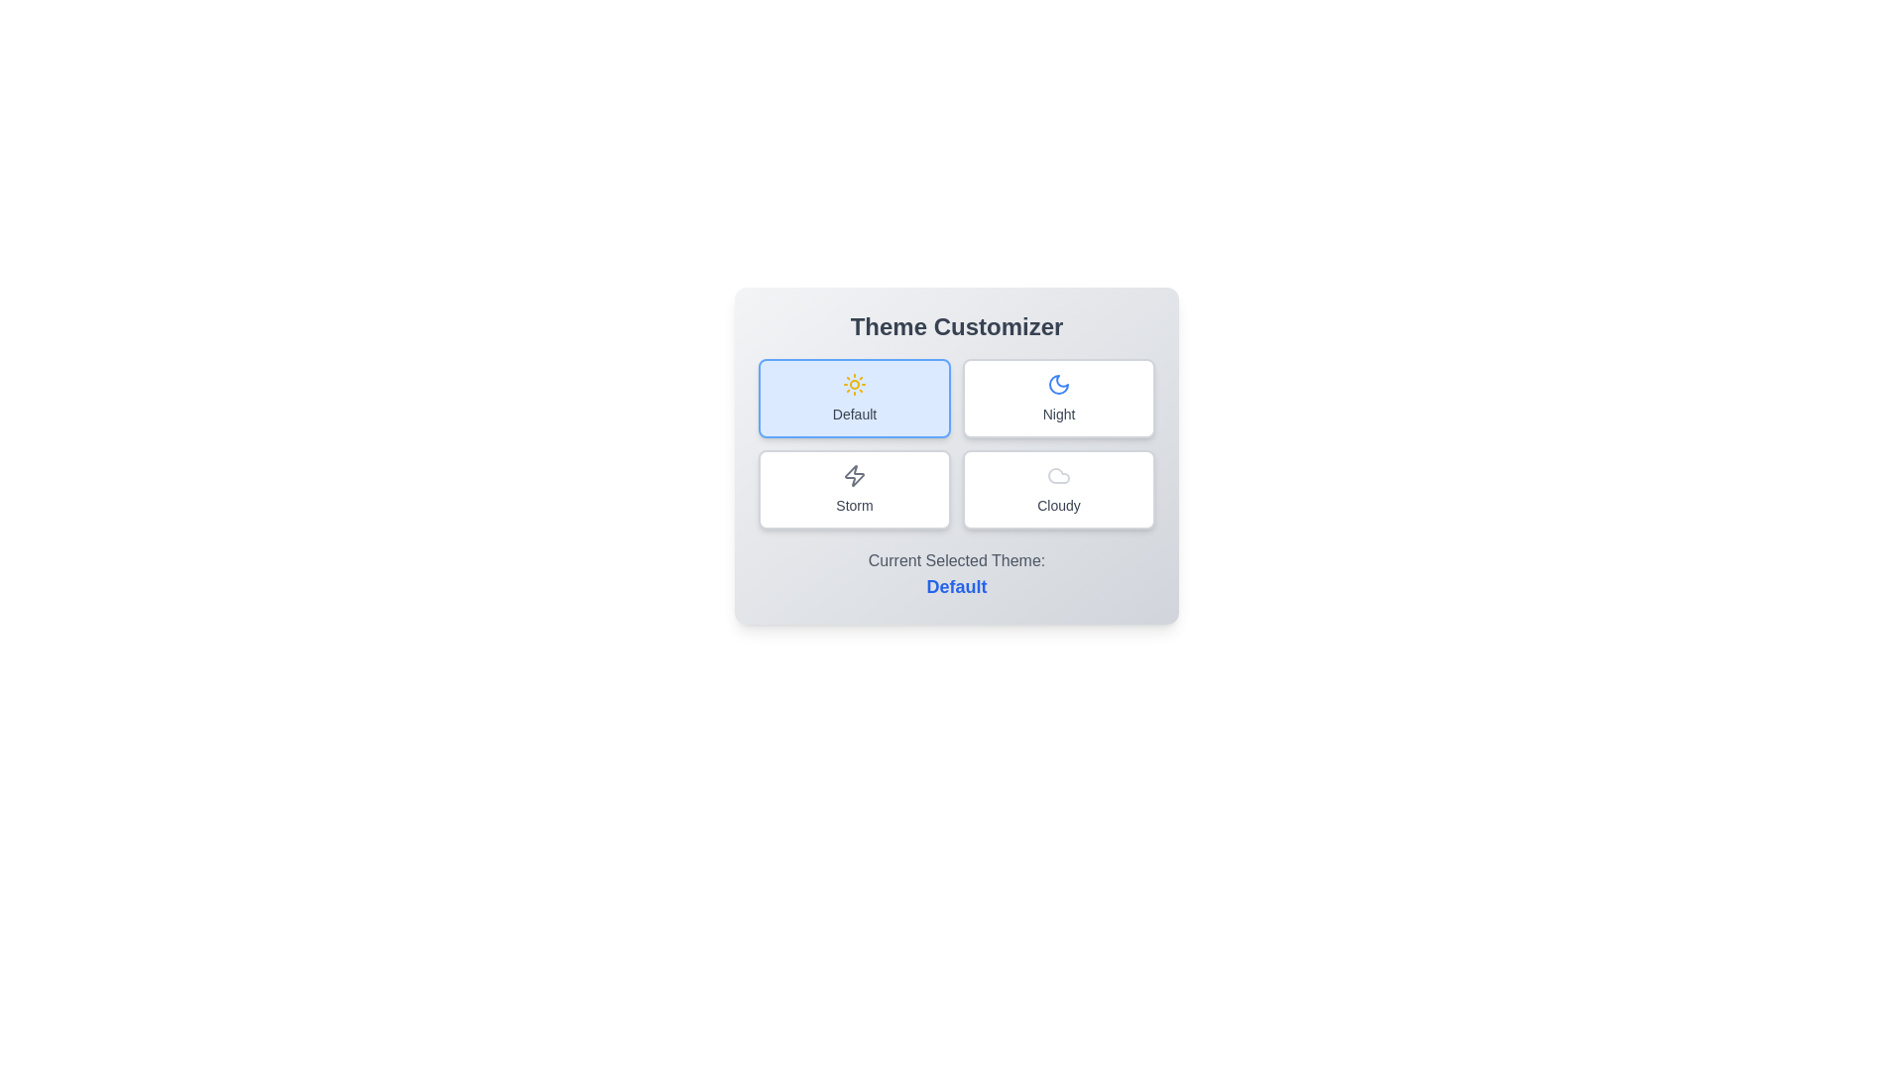 The image size is (1904, 1071). I want to click on the theme Night by clicking on its corresponding button, so click(1058, 398).